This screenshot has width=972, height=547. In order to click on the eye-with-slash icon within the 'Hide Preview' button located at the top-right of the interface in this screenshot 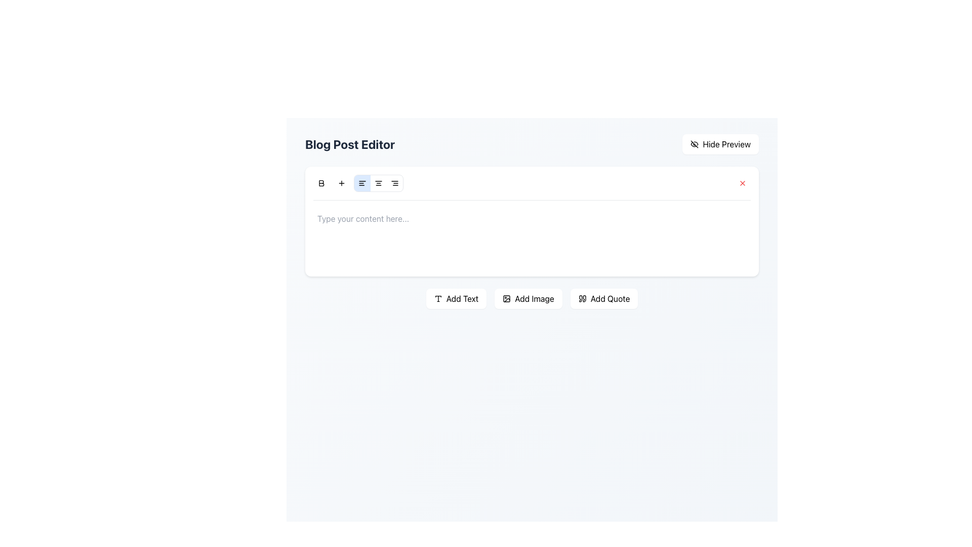, I will do `click(694, 144)`.